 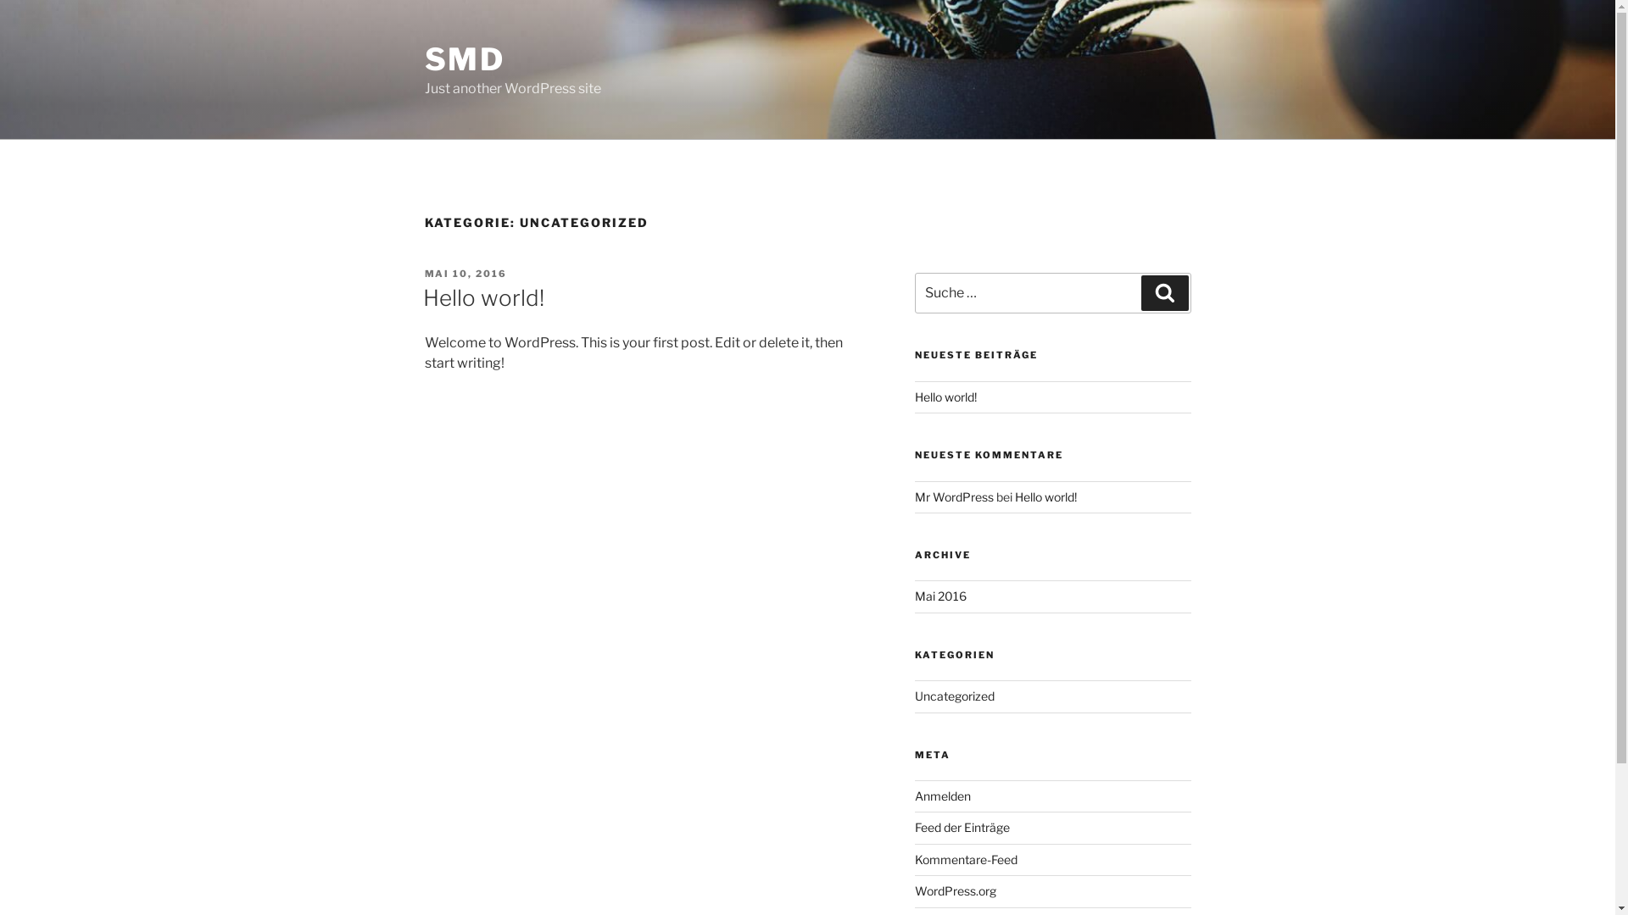 I want to click on 'Hello world!', so click(x=945, y=396).